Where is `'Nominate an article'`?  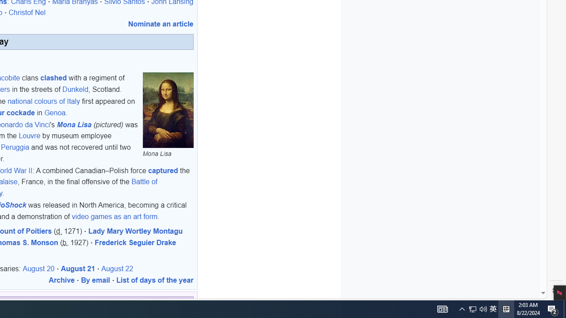
'Nominate an article' is located at coordinates (161, 23).